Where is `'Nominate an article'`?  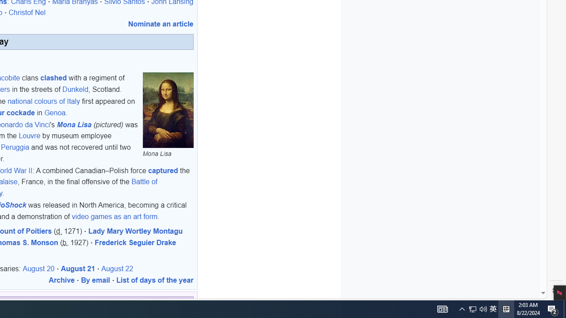
'Nominate an article' is located at coordinates (161, 23).